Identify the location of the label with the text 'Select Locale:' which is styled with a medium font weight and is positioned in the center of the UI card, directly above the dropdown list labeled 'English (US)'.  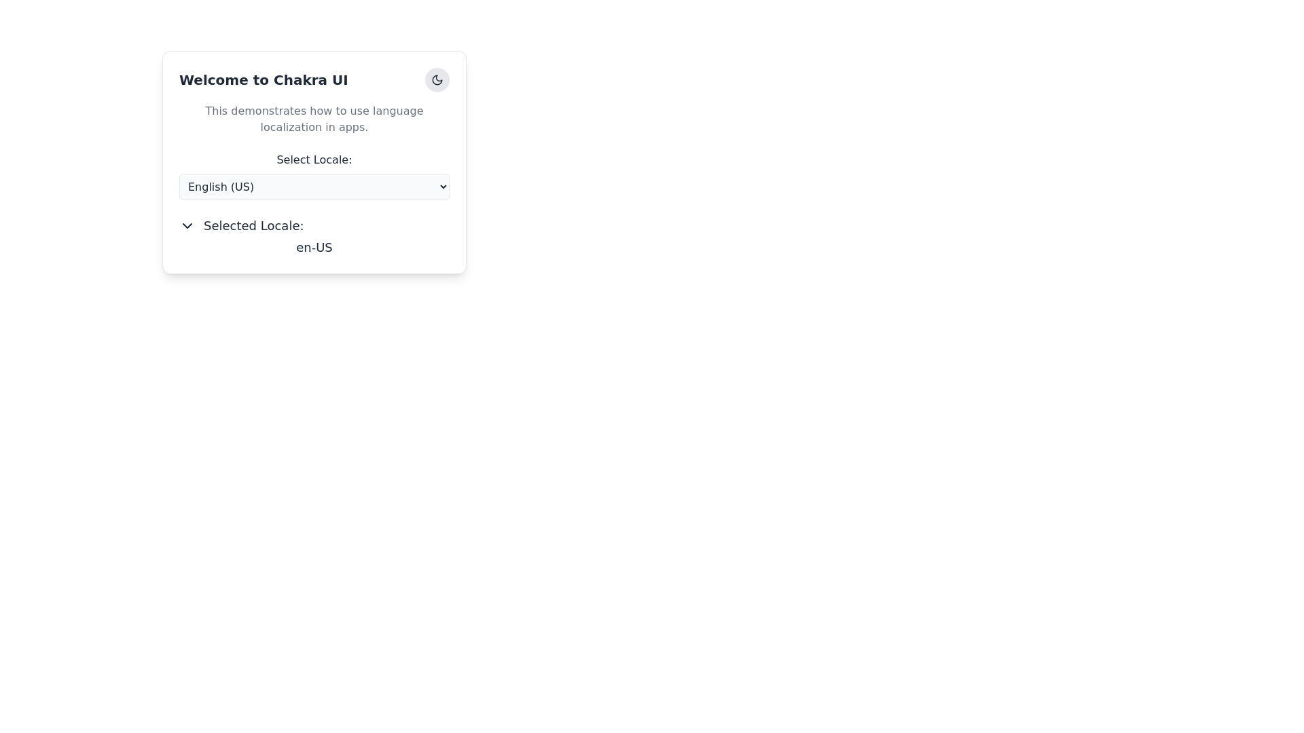
(313, 159).